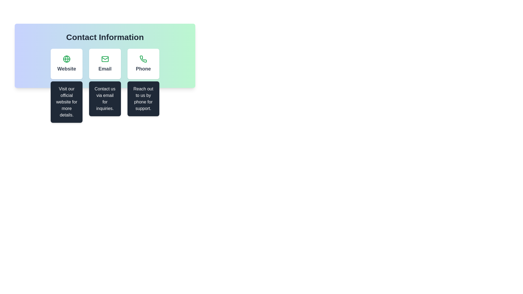 The height and width of the screenshot is (294, 523). I want to click on the mail icon styled as a minimalistic envelope in the 'Contact Information' section, so click(105, 59).